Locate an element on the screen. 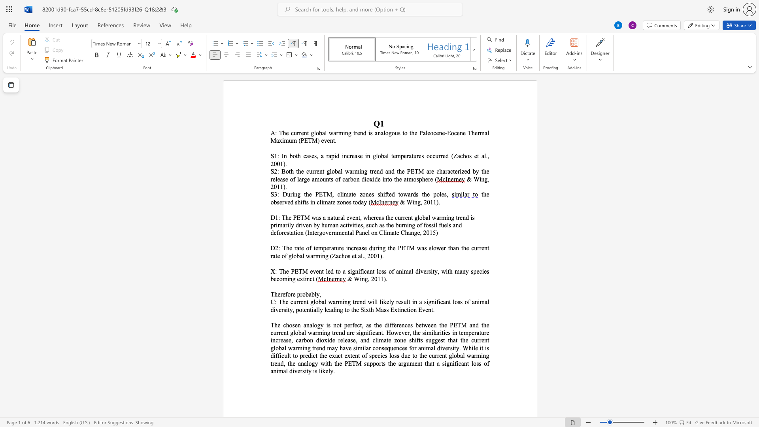 The width and height of the screenshot is (759, 427). the space between the continuous character "e" and "r" in the text is located at coordinates (280, 294).